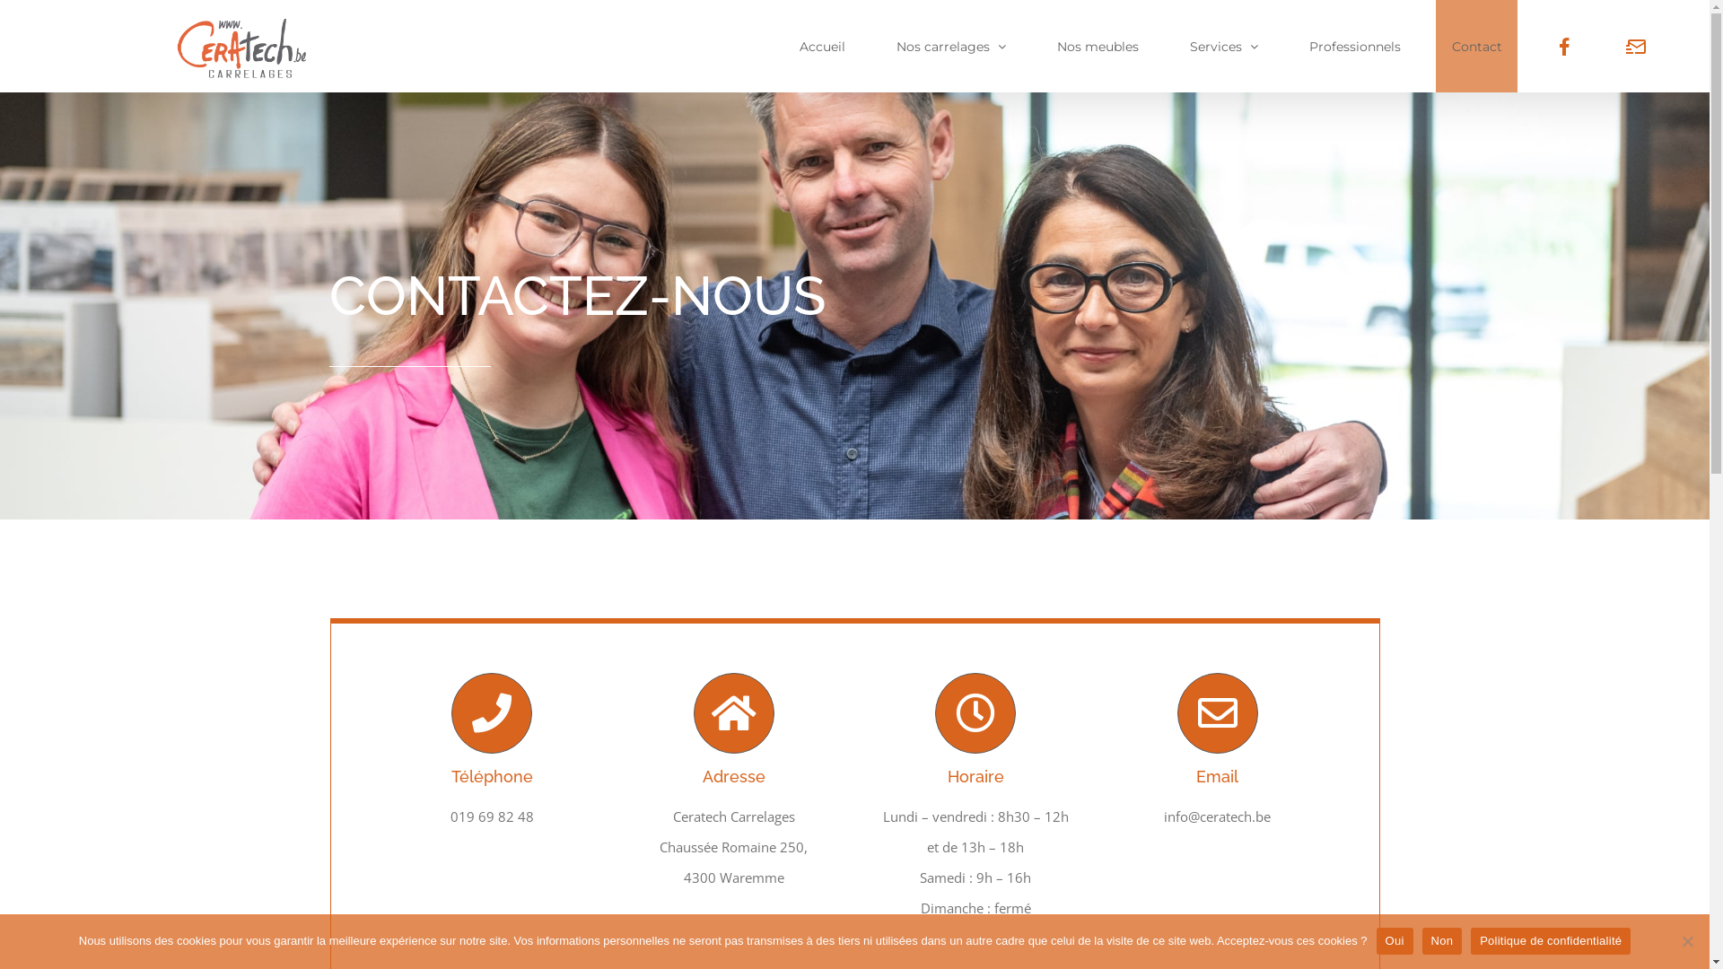 The width and height of the screenshot is (1723, 969). Describe the element at coordinates (821, 45) in the screenshot. I see `'Accueil'` at that location.